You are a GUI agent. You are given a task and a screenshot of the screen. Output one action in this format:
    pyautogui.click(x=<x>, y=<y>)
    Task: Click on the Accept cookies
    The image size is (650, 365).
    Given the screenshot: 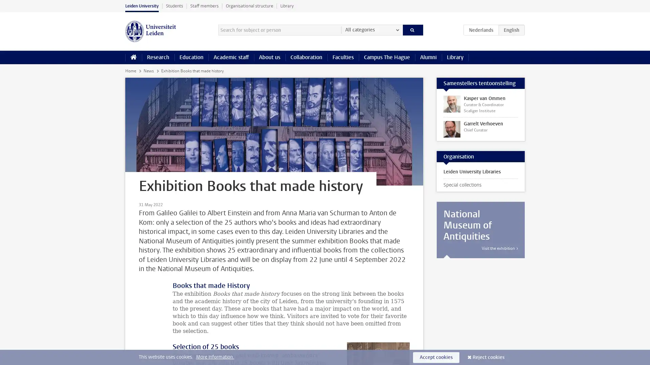 What is the action you would take?
    pyautogui.click(x=436, y=357)
    